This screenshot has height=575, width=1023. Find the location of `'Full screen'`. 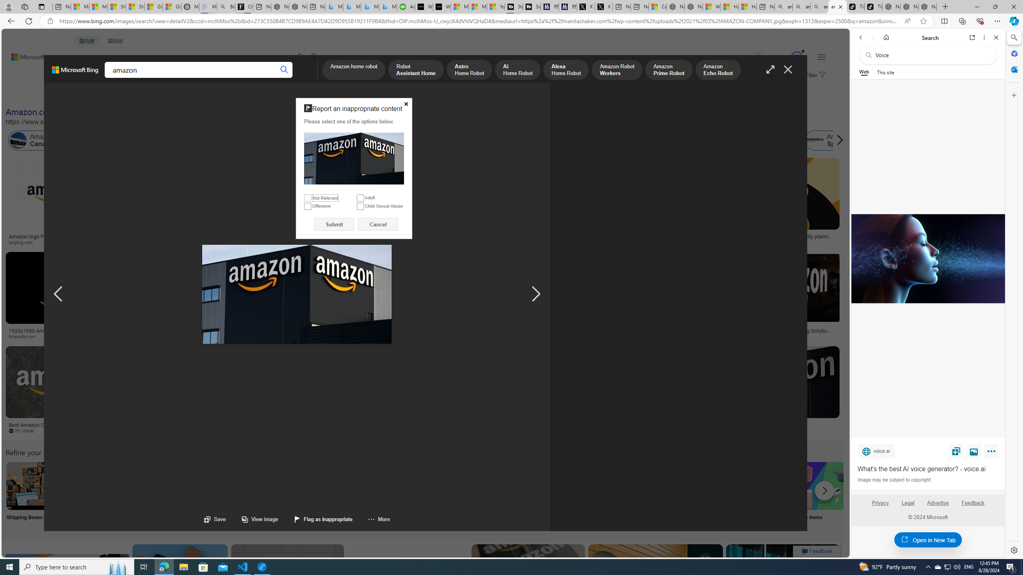

'Full screen' is located at coordinates (770, 69).